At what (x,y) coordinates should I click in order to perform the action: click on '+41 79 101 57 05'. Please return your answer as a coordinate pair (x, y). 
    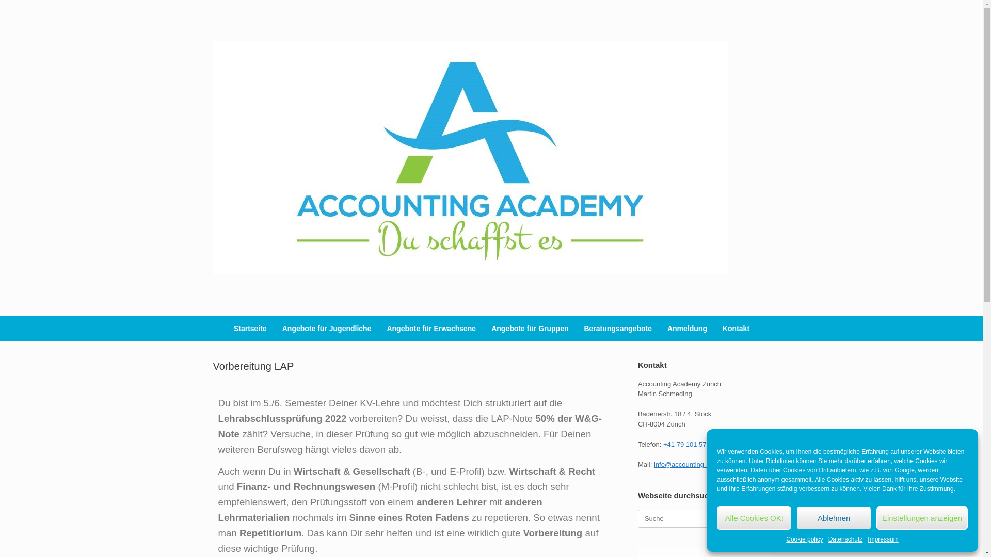
    Looking at the image, I should click on (689, 444).